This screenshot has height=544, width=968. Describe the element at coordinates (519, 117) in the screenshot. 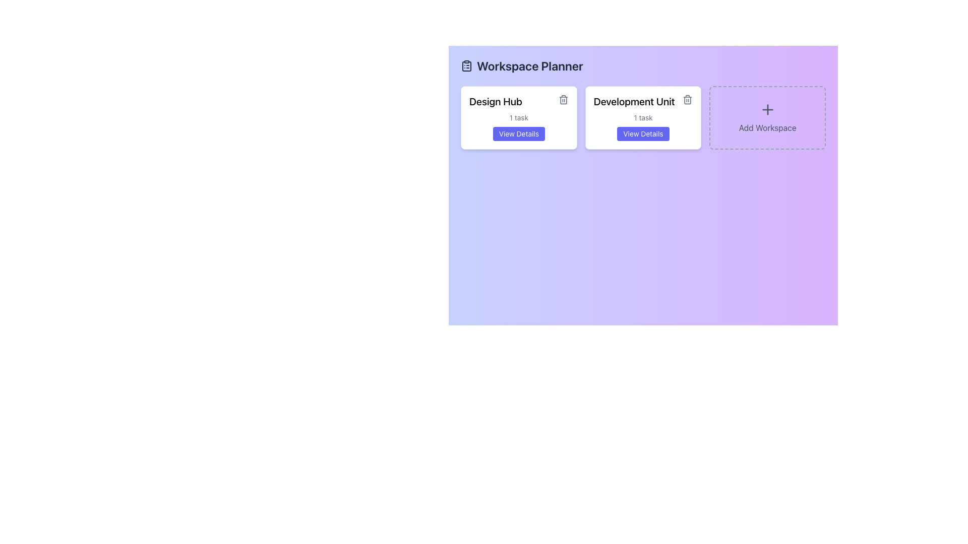

I see `the static text label displaying '1 task', which is located below the 'Design Hub' title and above the 'View Details' button` at that location.